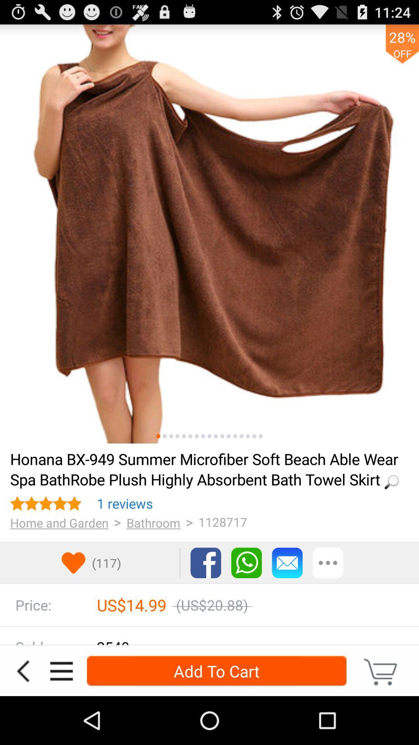  Describe the element at coordinates (254, 436) in the screenshot. I see `picture` at that location.